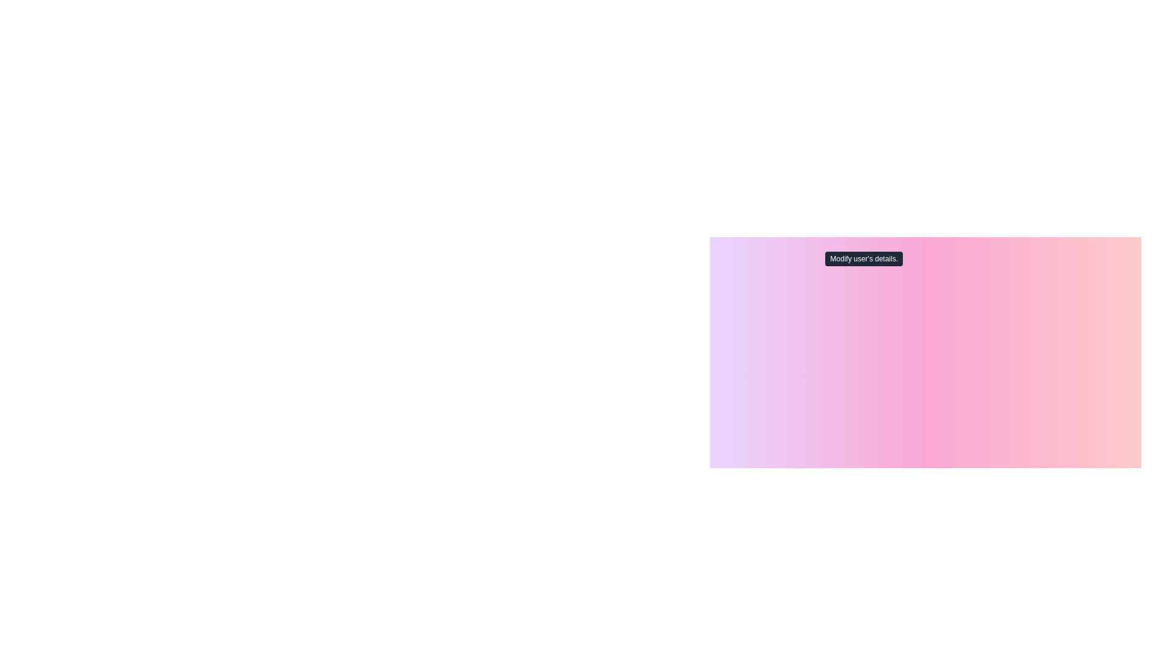 This screenshot has height=655, width=1165. What do you see at coordinates (863, 258) in the screenshot?
I see `the tooltip displaying 'Modify user's details.' which is located directly above the 'Edit Profile' button` at bounding box center [863, 258].